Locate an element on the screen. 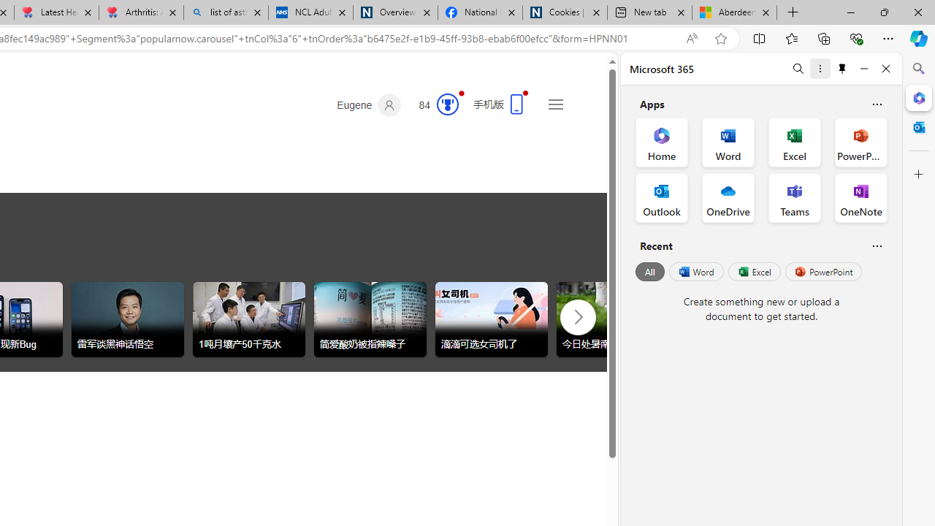  'Aberdeen, Hong Kong SAR hourly forecast | Microsoft Weather' is located at coordinates (735, 12).